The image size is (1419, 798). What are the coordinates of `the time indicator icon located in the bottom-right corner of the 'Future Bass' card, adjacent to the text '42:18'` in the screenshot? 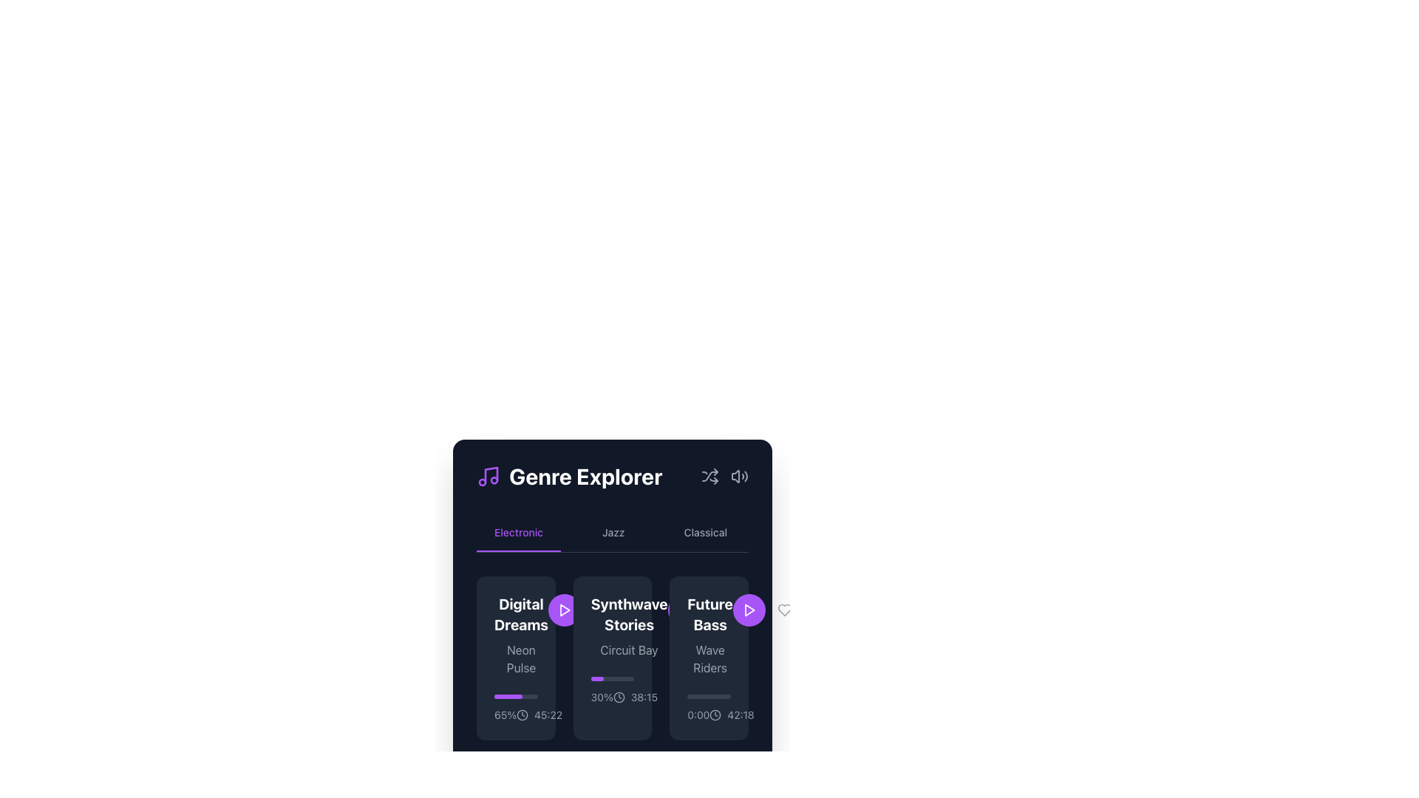 It's located at (715, 715).